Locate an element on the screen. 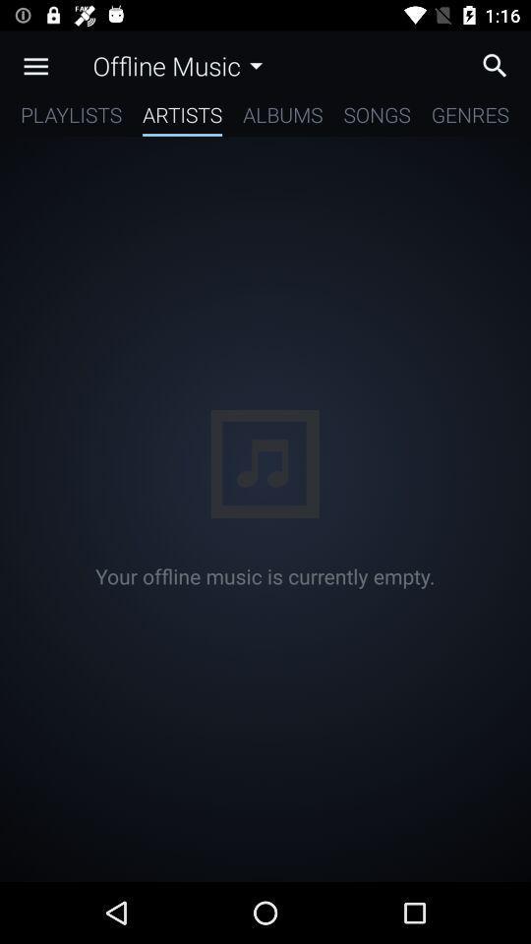 Image resolution: width=531 pixels, height=944 pixels. item to the left of the albums is located at coordinates (182, 118).